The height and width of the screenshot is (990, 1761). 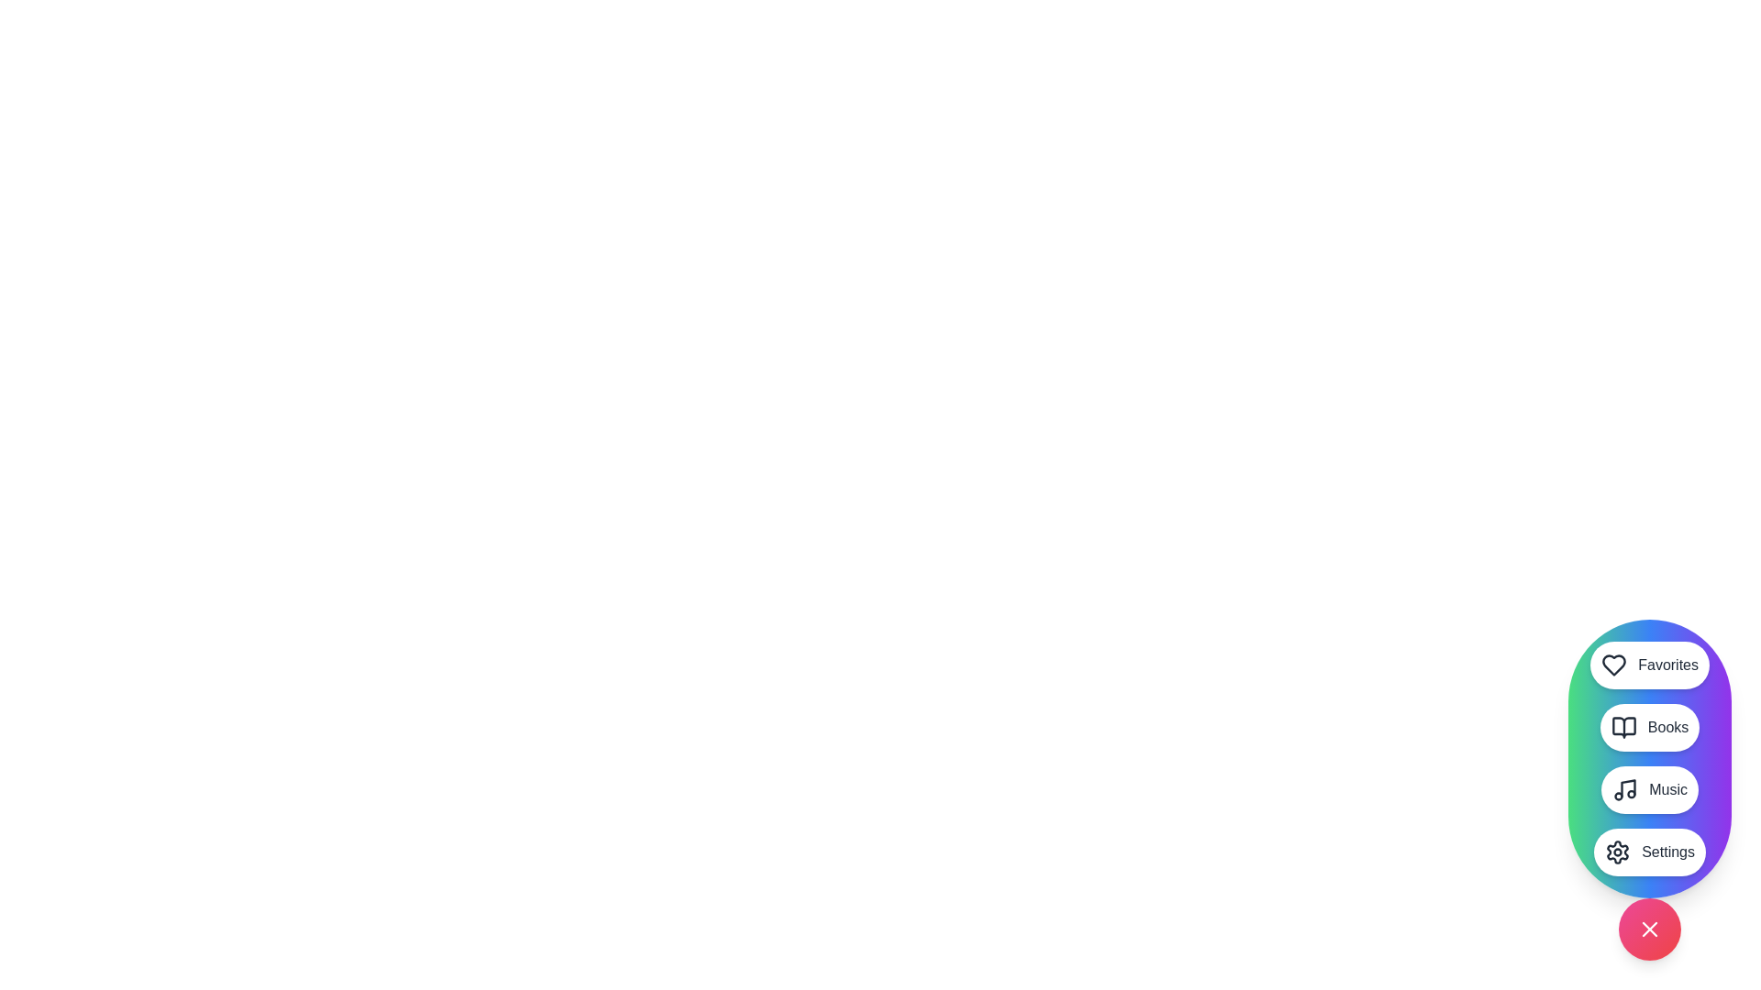 What do you see at coordinates (1650, 727) in the screenshot?
I see `the menu option Books to perform its associated action` at bounding box center [1650, 727].